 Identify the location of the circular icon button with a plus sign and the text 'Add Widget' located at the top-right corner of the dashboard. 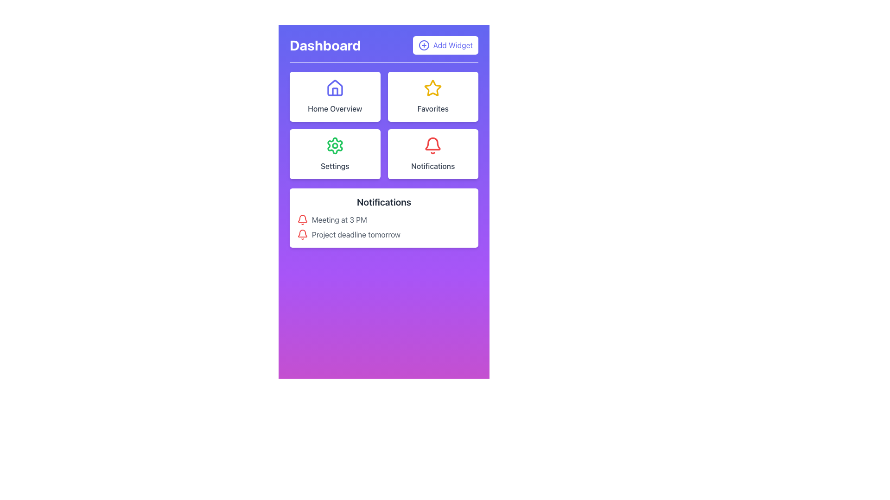
(423, 45).